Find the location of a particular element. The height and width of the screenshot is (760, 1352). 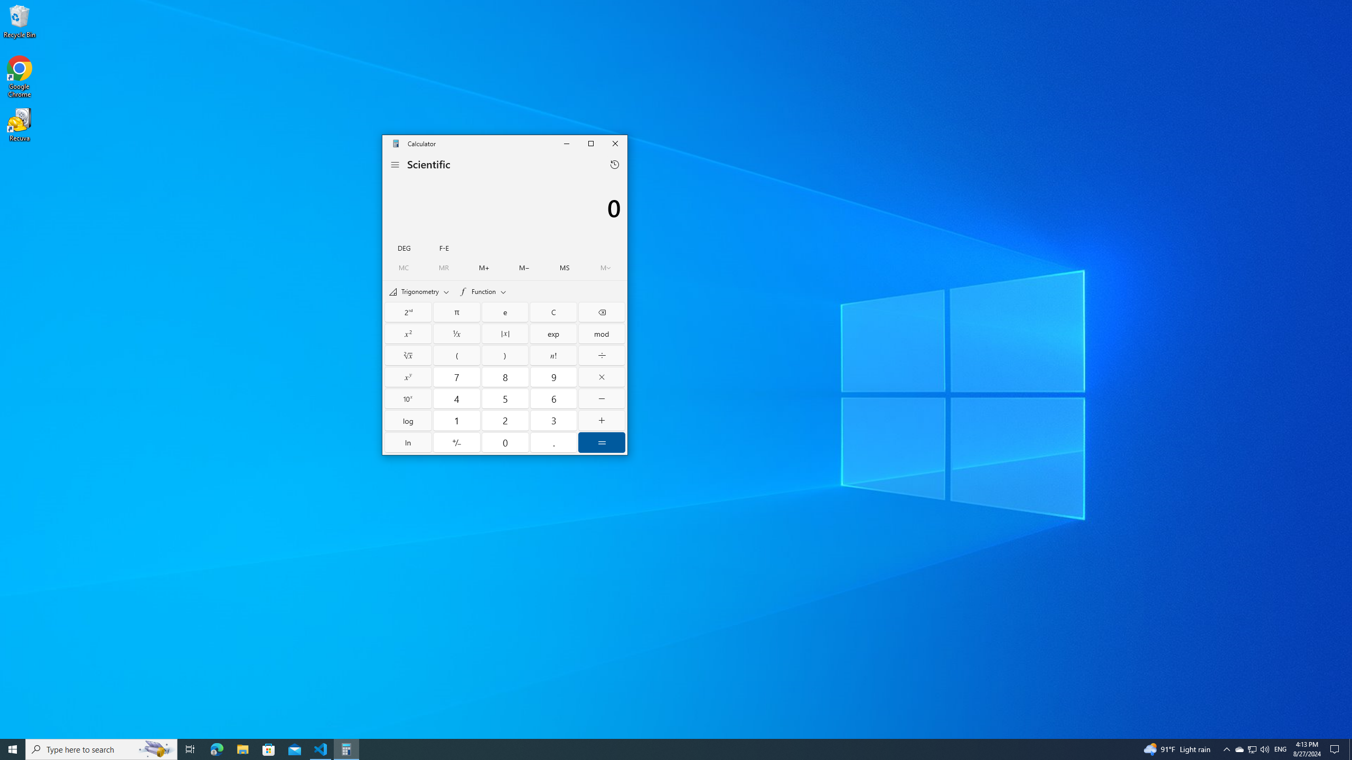

'Minus' is located at coordinates (601, 398).